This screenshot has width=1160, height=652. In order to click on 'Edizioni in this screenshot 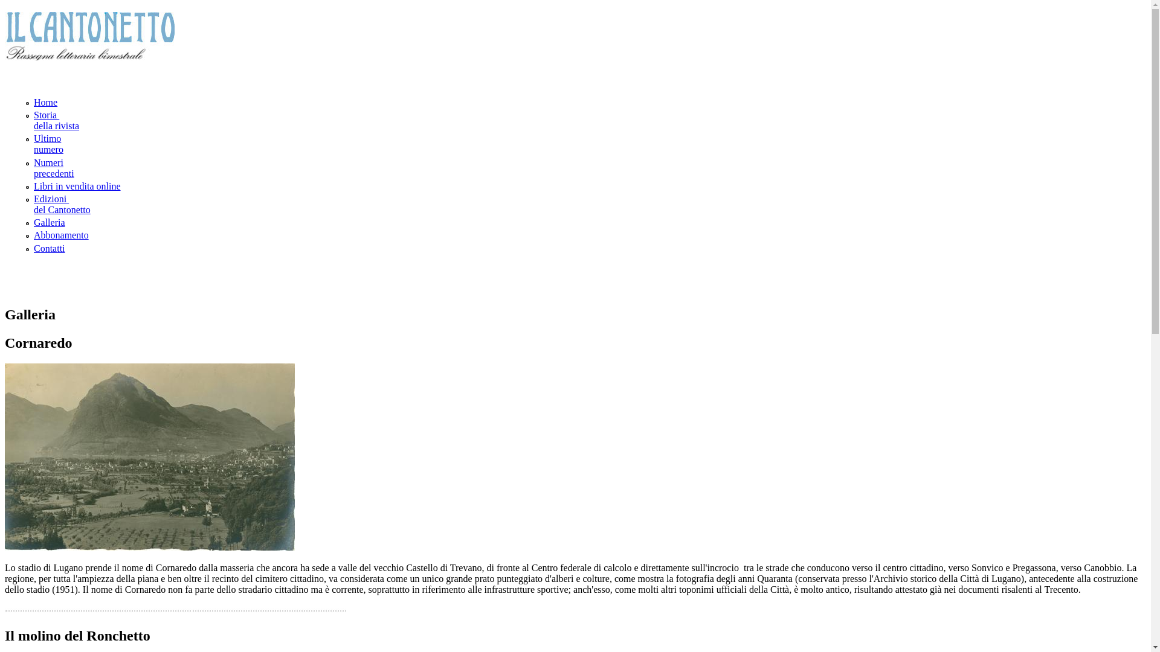, I will do `click(34, 203)`.